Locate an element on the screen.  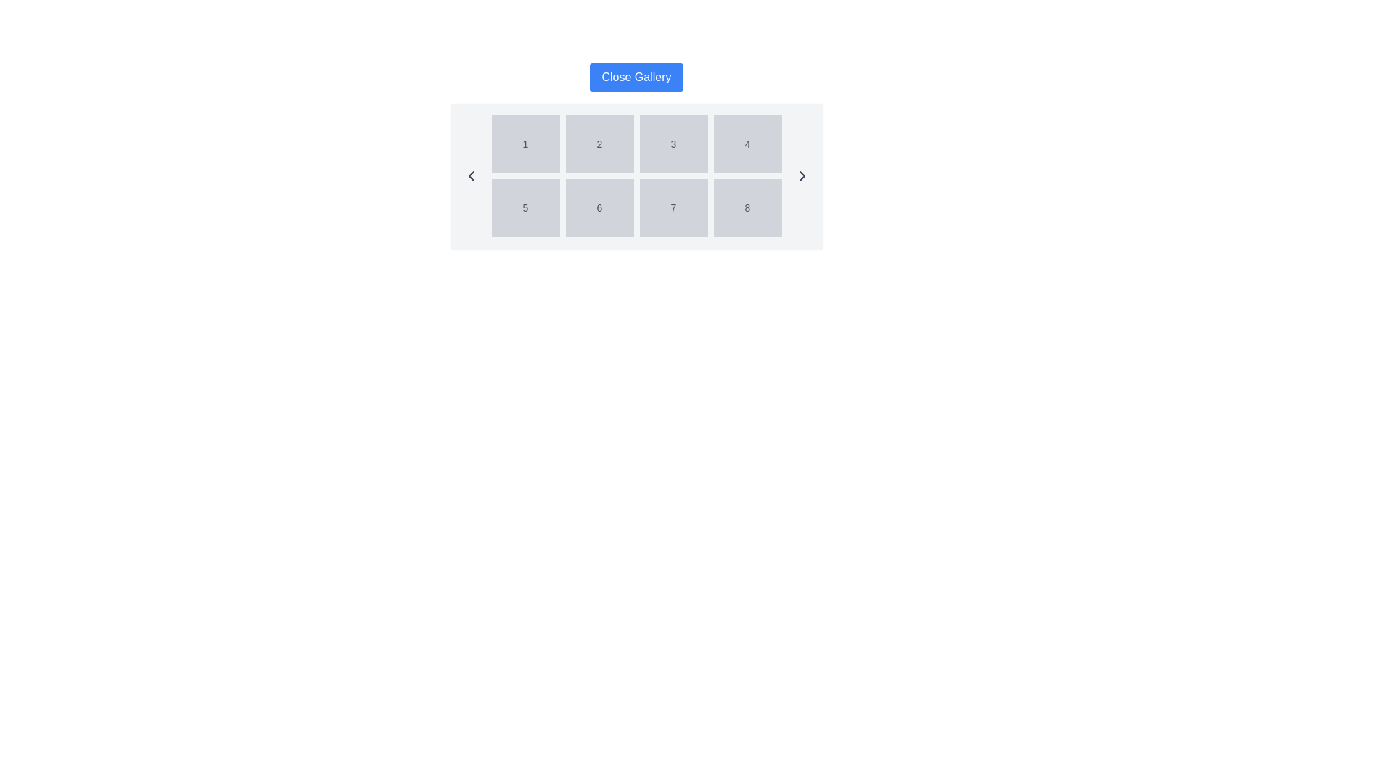
the Icon Button located to the right of the gallery grid is located at coordinates (801, 175).